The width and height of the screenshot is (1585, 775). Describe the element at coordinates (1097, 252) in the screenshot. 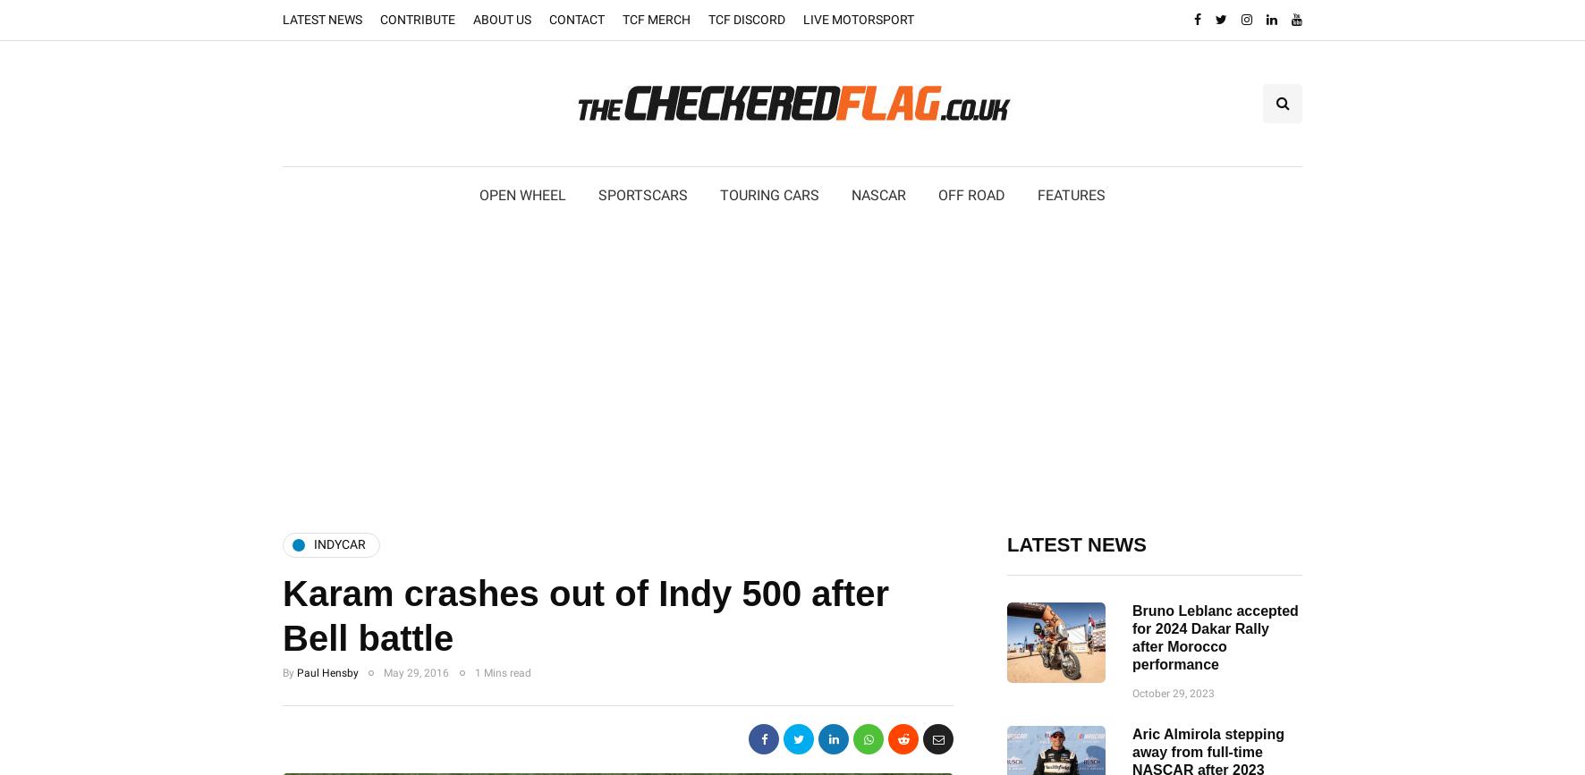

I see `'Driver Columns'` at that location.